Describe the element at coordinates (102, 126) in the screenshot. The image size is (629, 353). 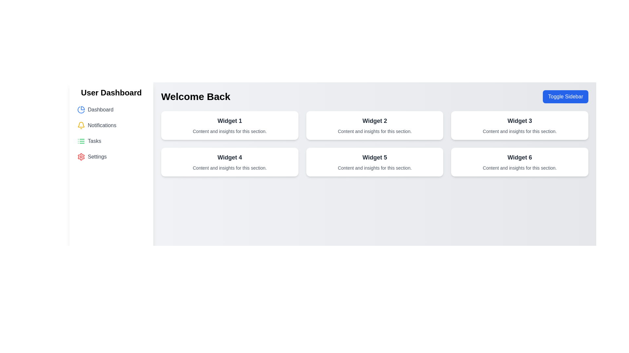
I see `the 'Notifications' text label located in the left sidebar navigation, positioned below 'Dashboard' and above 'Tasks'` at that location.